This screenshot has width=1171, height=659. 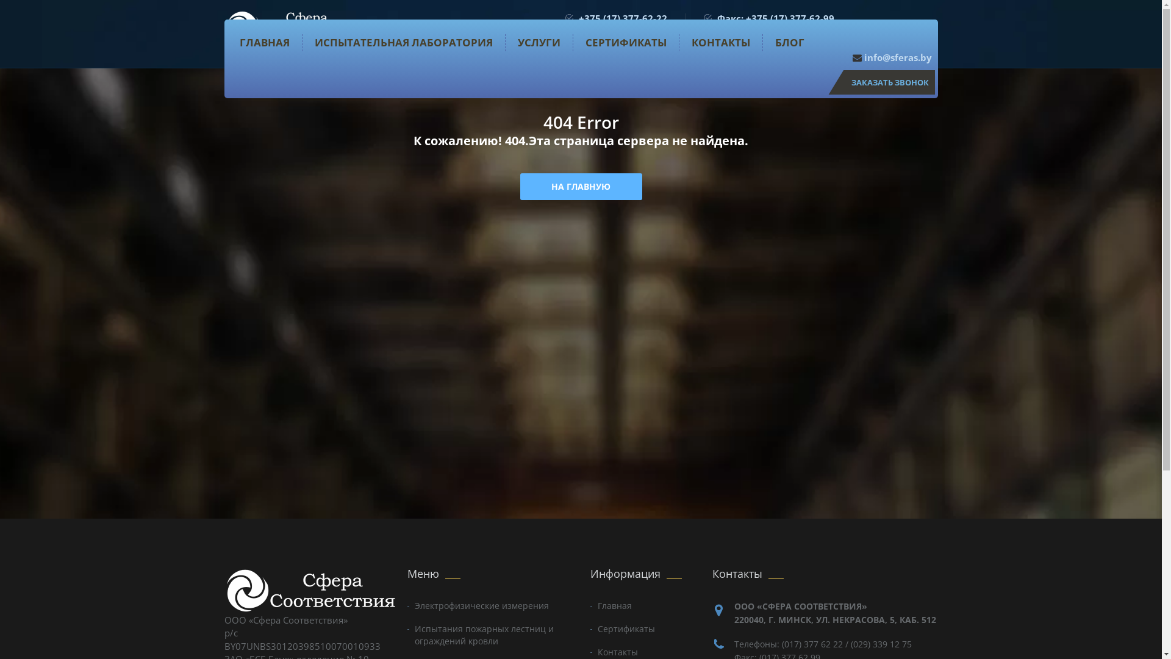 What do you see at coordinates (622, 30) in the screenshot?
I see `'+375 (33) 335-49-31'` at bounding box center [622, 30].